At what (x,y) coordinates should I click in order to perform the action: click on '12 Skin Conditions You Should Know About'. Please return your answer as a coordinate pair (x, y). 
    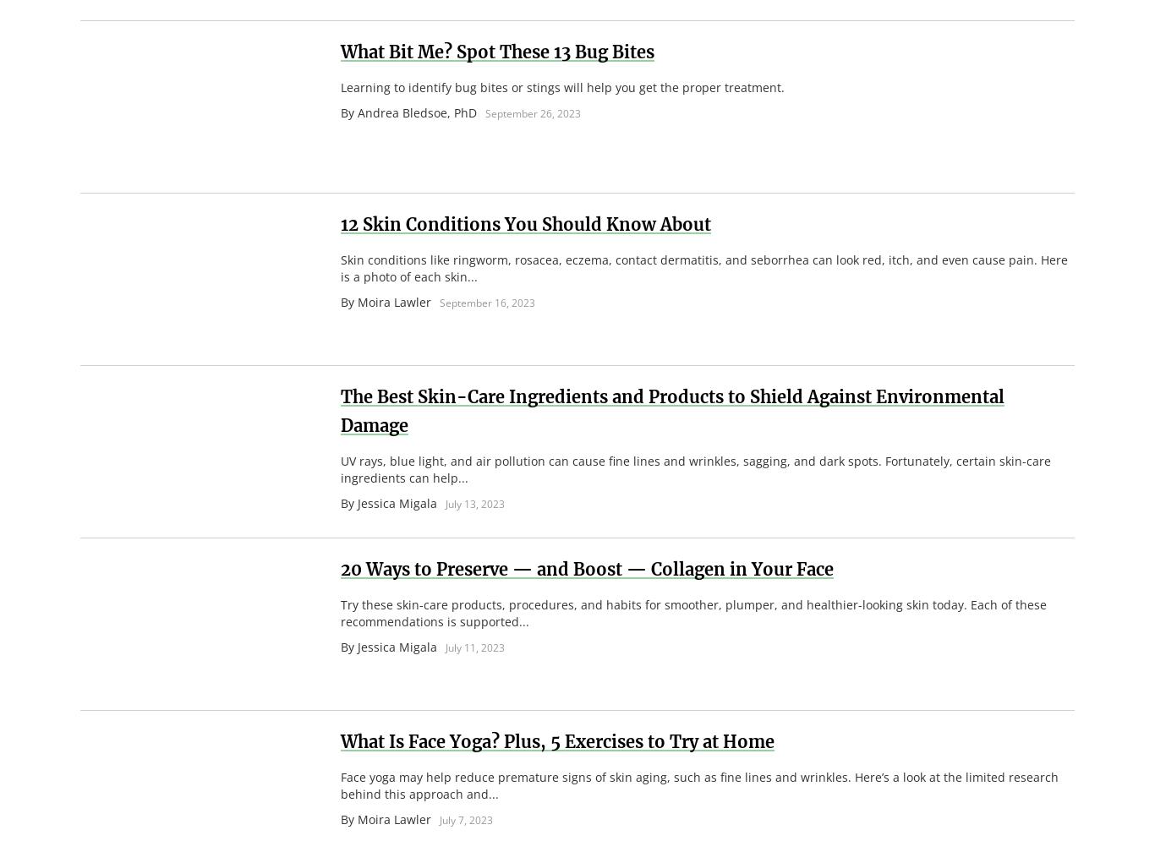
    Looking at the image, I should click on (524, 223).